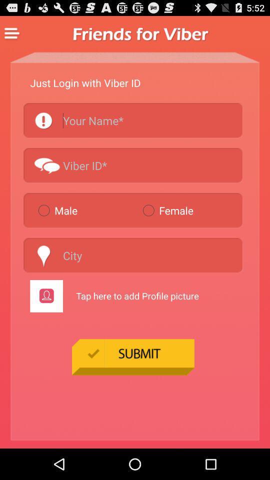  Describe the element at coordinates (190, 209) in the screenshot. I see `the female item` at that location.